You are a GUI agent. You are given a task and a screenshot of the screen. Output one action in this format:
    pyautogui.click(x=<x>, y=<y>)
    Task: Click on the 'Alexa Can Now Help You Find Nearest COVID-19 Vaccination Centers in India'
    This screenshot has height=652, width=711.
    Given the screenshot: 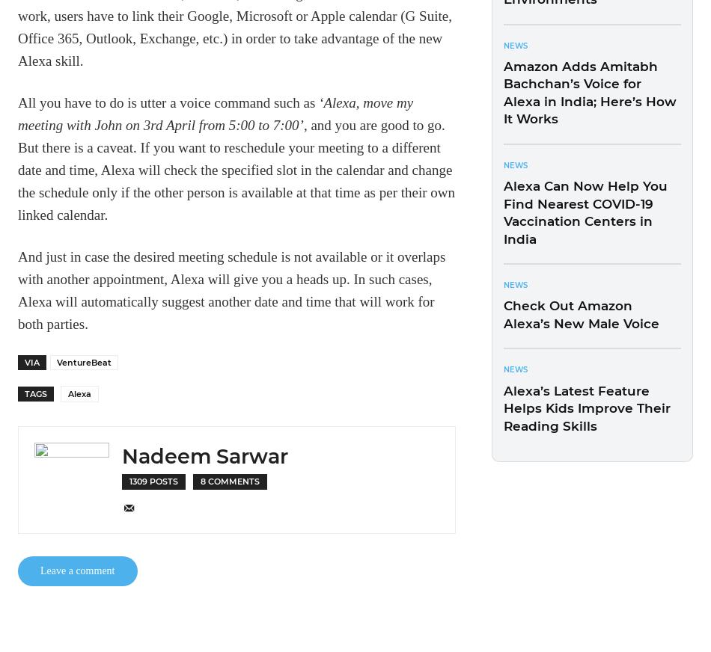 What is the action you would take?
    pyautogui.click(x=585, y=212)
    